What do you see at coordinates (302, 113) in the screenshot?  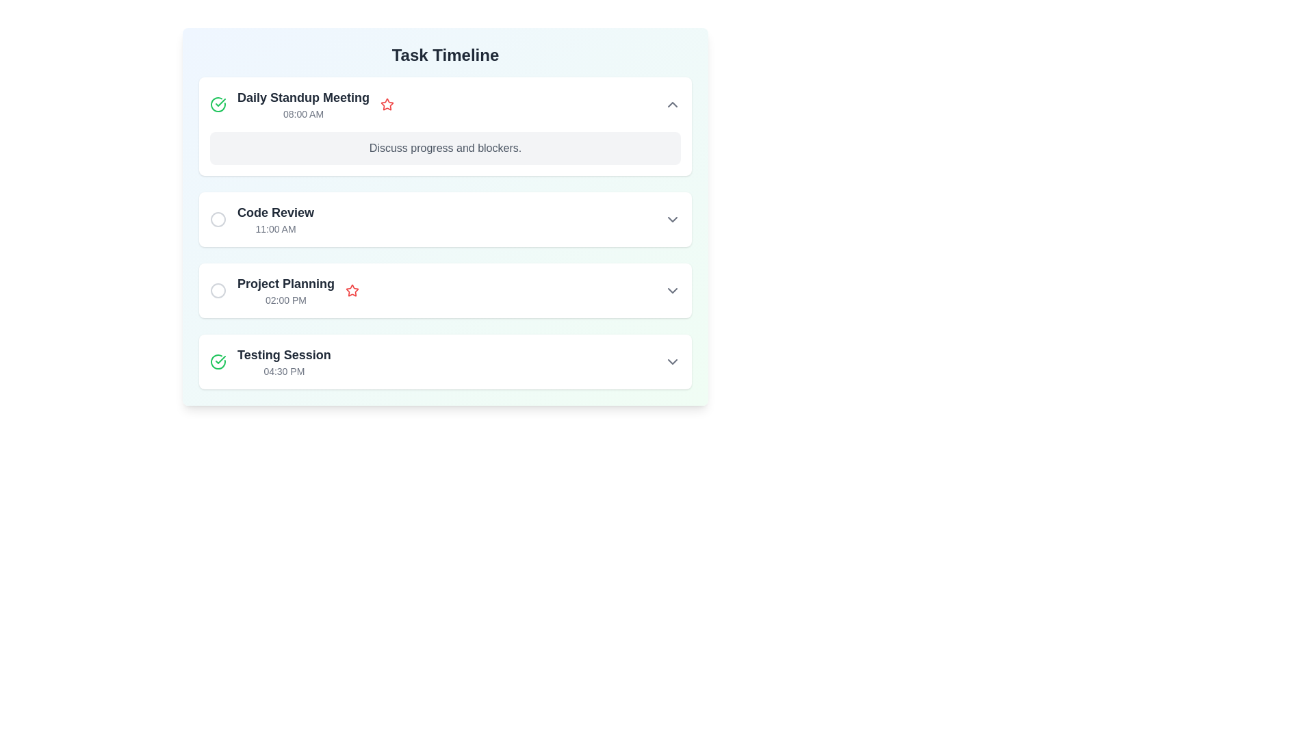 I see `text label displaying '08:00 AM', which is styled in a small gray font and positioned below the 'Daily Standup Meeting' header` at bounding box center [302, 113].